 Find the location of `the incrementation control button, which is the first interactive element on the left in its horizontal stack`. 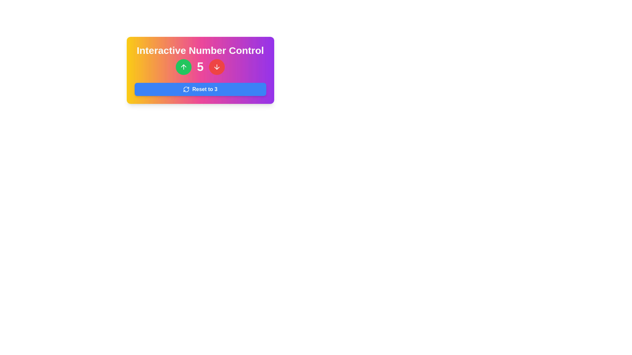

the incrementation control button, which is the first interactive element on the left in its horizontal stack is located at coordinates (184, 67).